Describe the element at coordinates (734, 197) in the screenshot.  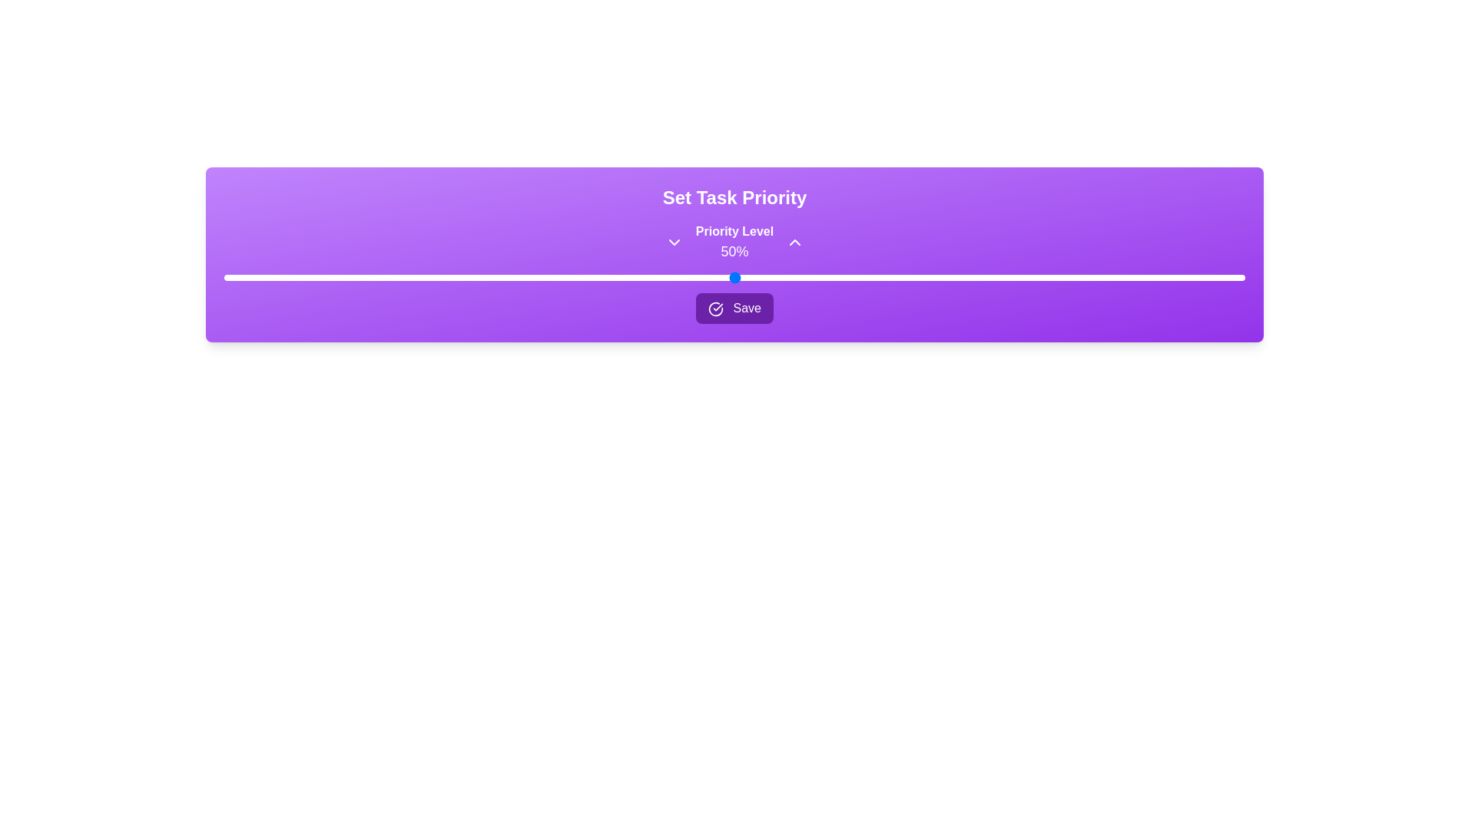
I see `the bold, large-font text label 'Set Task Priority' which is centered on a purple gradient background at the top of the section` at that location.